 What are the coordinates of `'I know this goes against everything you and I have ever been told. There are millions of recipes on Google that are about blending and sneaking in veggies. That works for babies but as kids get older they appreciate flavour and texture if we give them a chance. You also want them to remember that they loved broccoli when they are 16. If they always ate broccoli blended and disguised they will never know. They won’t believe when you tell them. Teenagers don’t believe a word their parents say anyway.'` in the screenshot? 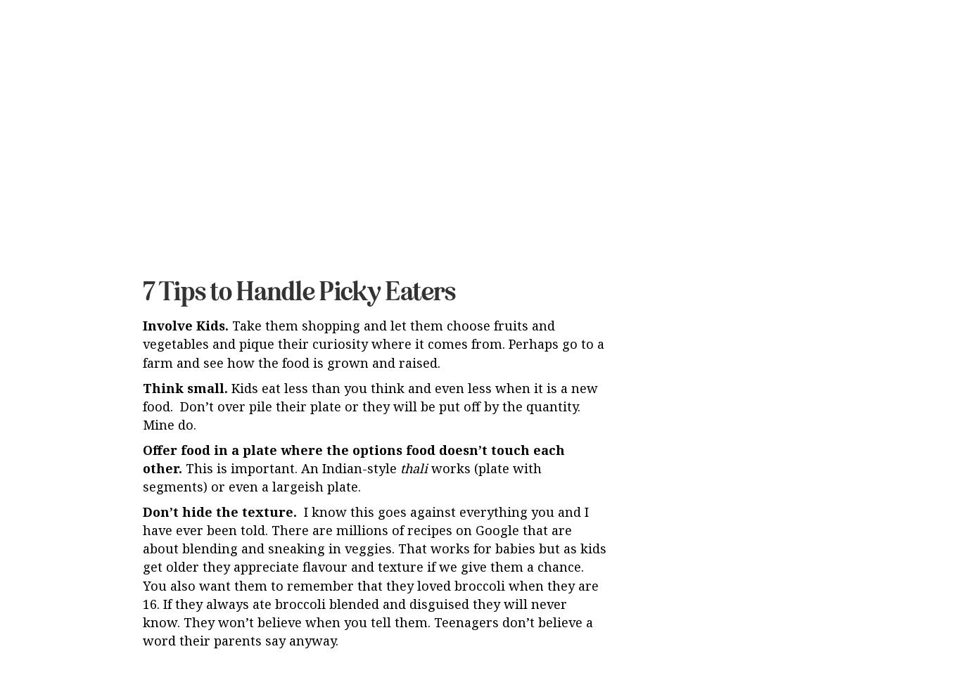 It's located at (374, 460).